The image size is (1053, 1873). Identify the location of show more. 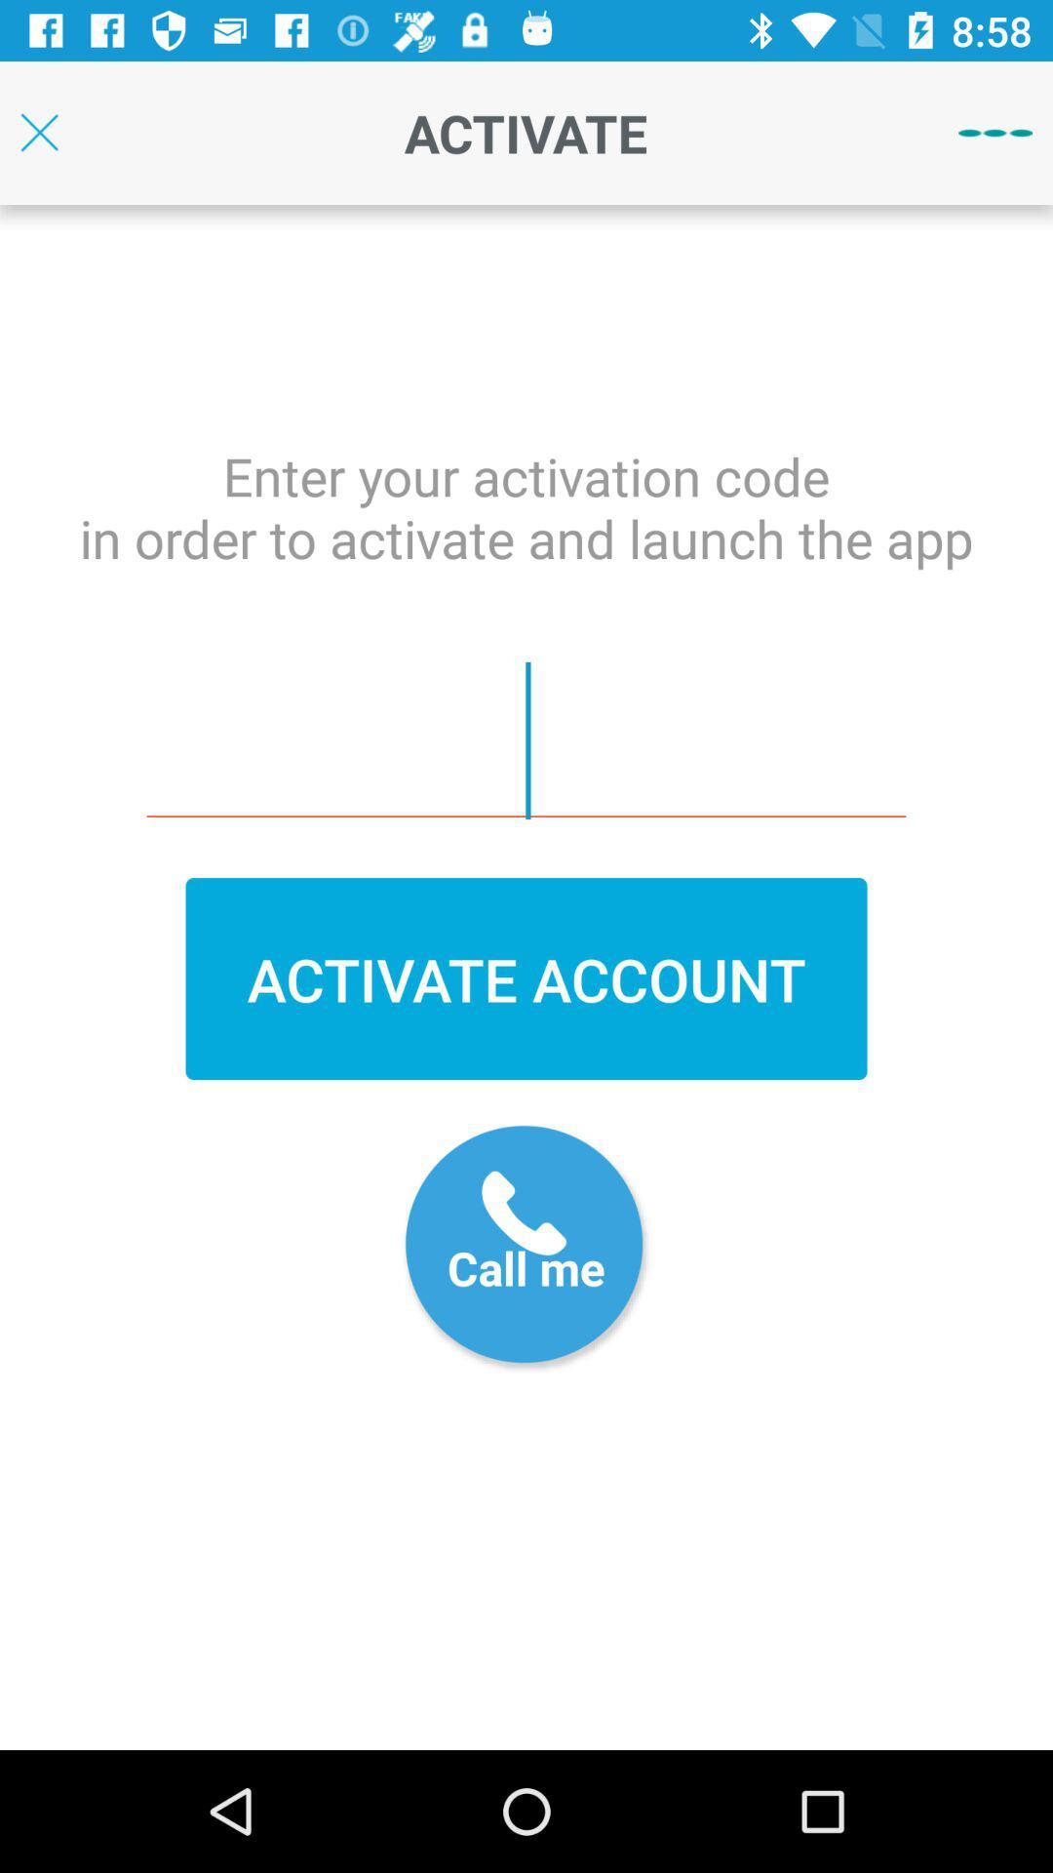
(995, 132).